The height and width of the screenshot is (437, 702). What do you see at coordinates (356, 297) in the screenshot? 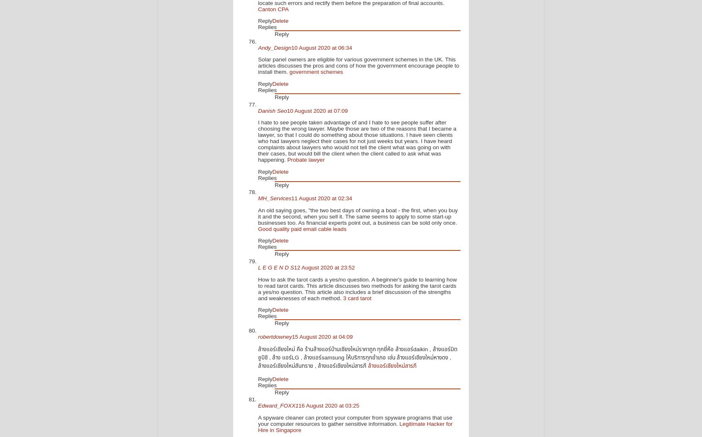
I see `'3 card tarot'` at bounding box center [356, 297].